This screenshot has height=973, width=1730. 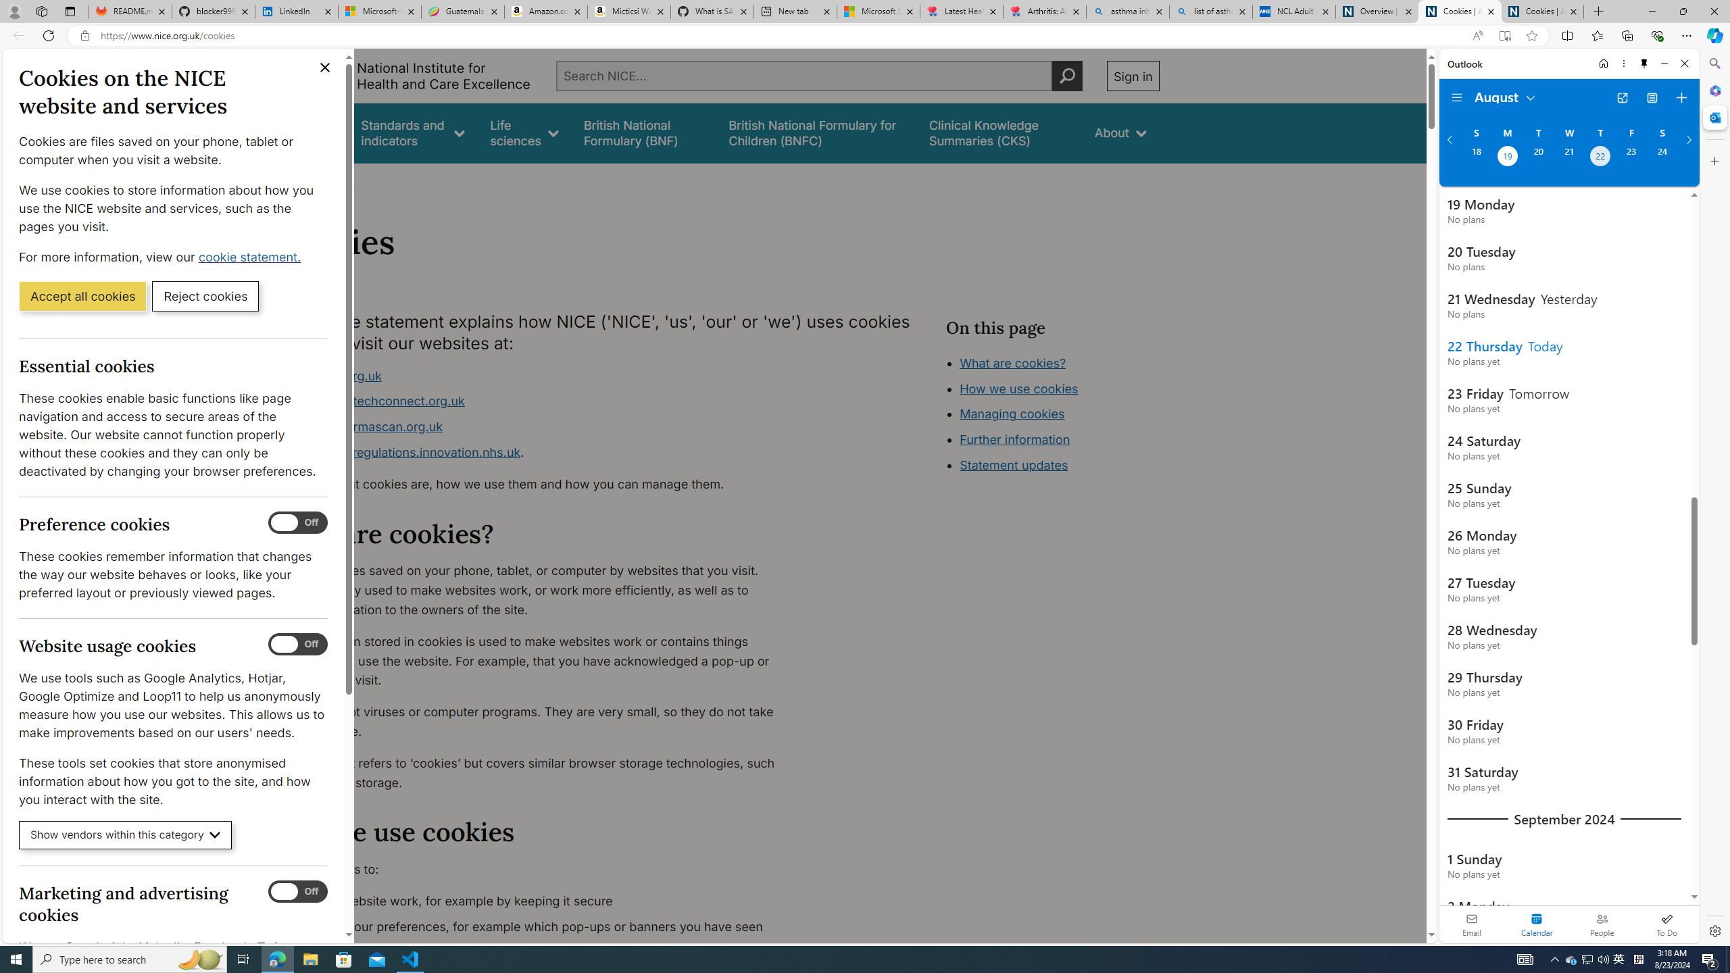 I want to click on 'cookie statement. (Opens in a new window)', so click(x=251, y=256).